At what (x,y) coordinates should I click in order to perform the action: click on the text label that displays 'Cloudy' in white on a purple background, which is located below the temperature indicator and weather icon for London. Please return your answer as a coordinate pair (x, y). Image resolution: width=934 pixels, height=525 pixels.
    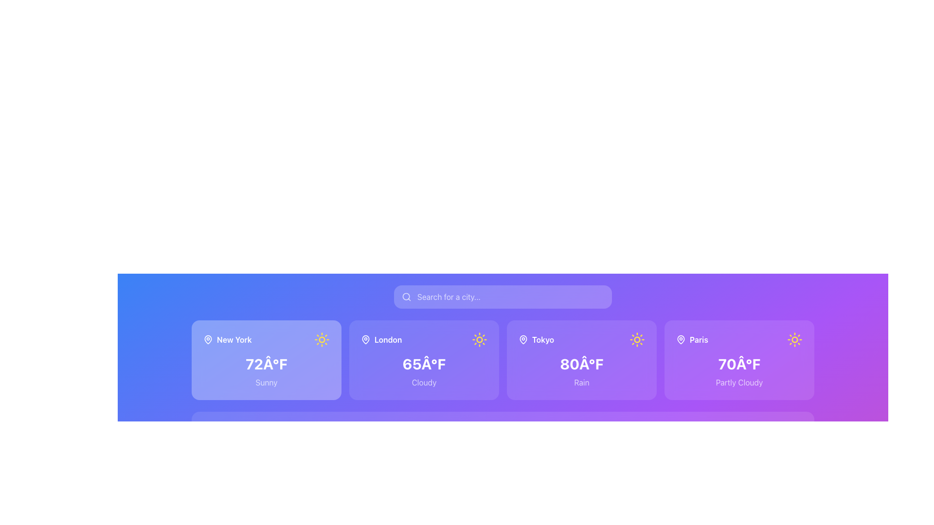
    Looking at the image, I should click on (424, 382).